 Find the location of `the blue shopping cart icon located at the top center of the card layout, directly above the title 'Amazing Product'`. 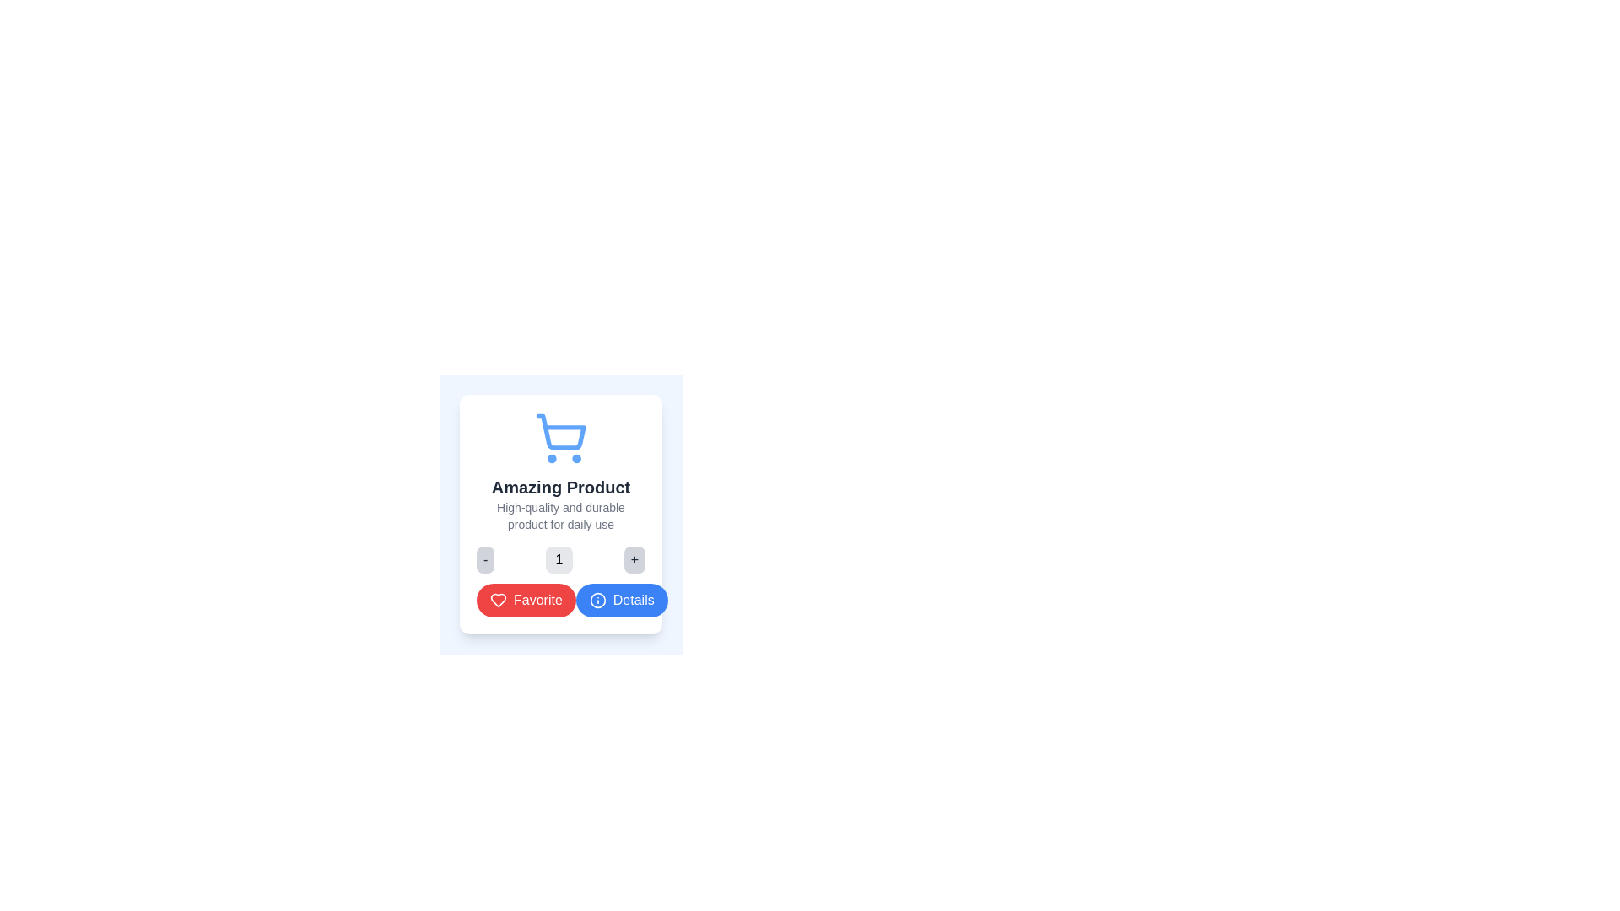

the blue shopping cart icon located at the top center of the card layout, directly above the title 'Amazing Product' is located at coordinates (561, 438).